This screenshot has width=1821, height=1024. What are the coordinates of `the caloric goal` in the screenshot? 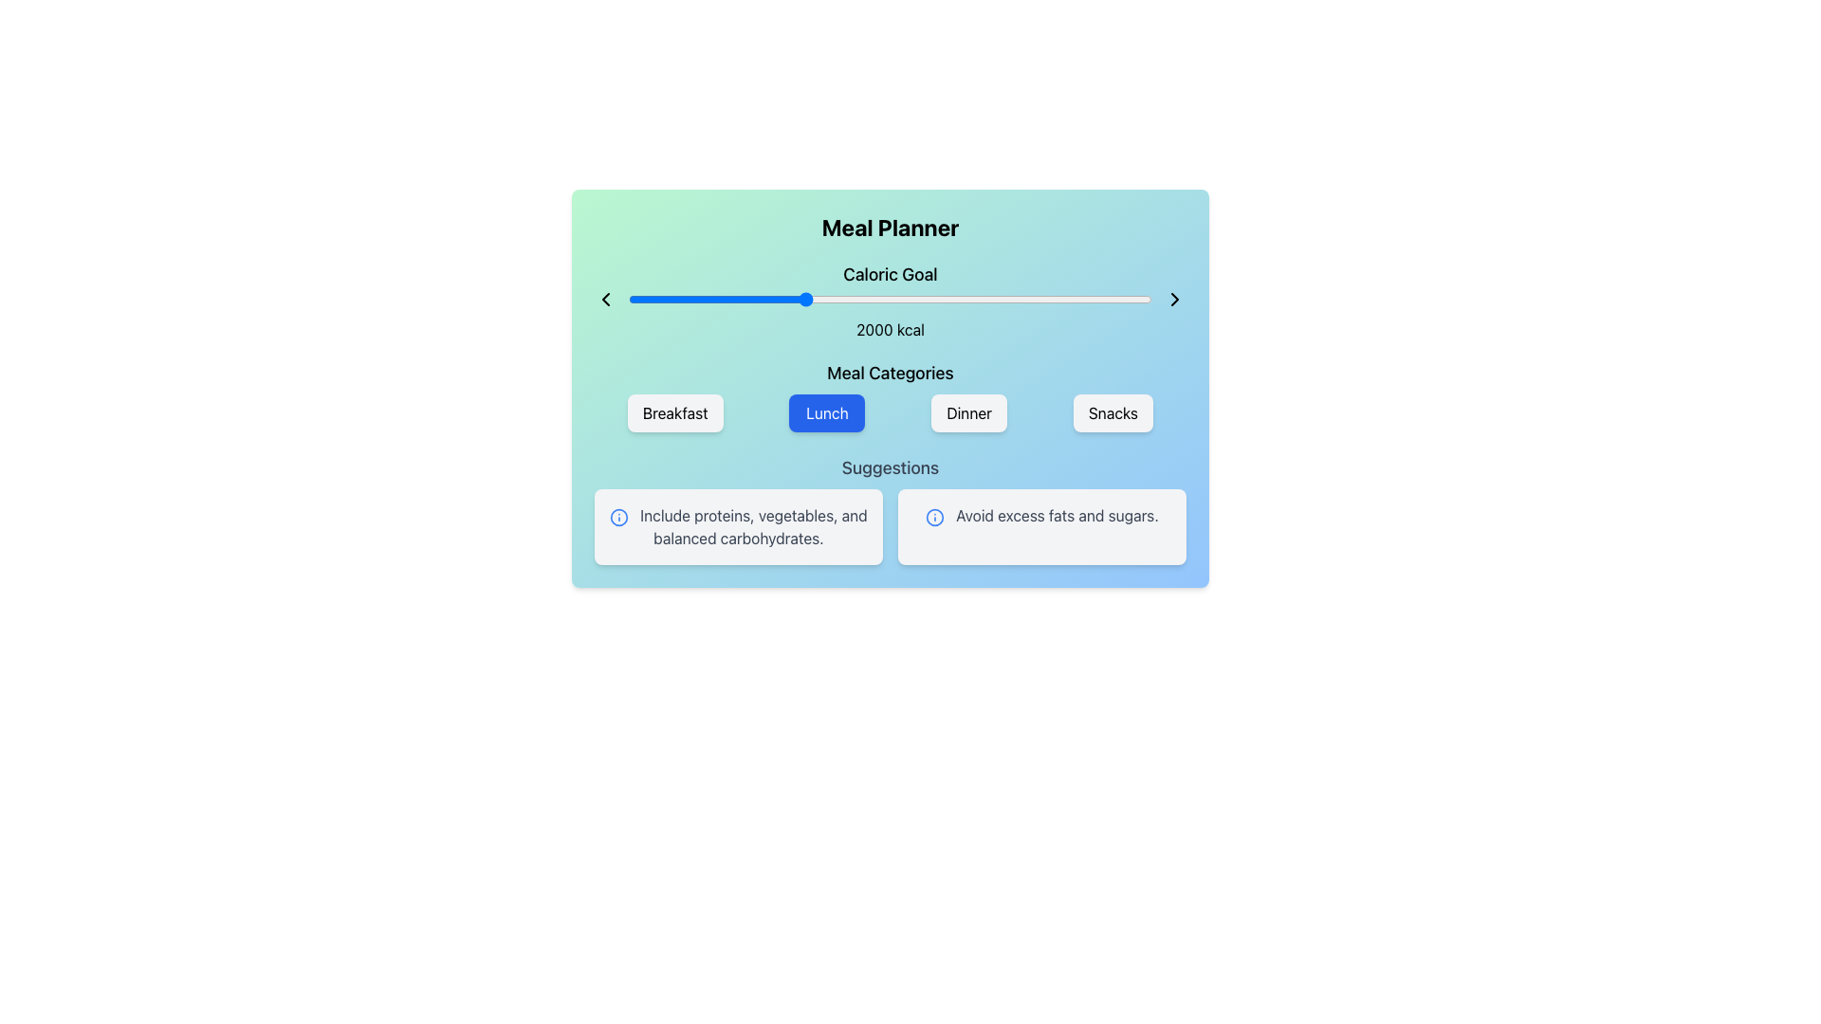 It's located at (1000, 299).